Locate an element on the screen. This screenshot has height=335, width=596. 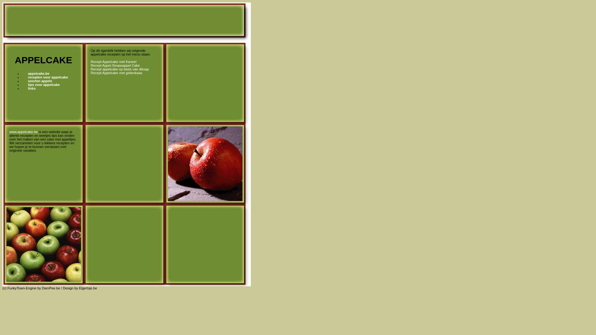
'Recept Appel-Sinaasappel Cake' is located at coordinates (90, 65).